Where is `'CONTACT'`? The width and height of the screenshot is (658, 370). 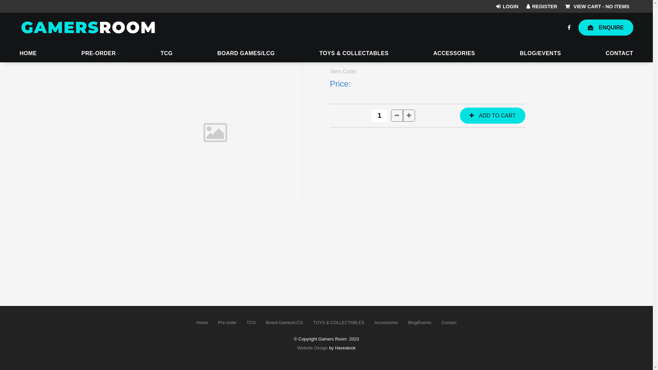
'CONTACT' is located at coordinates (619, 53).